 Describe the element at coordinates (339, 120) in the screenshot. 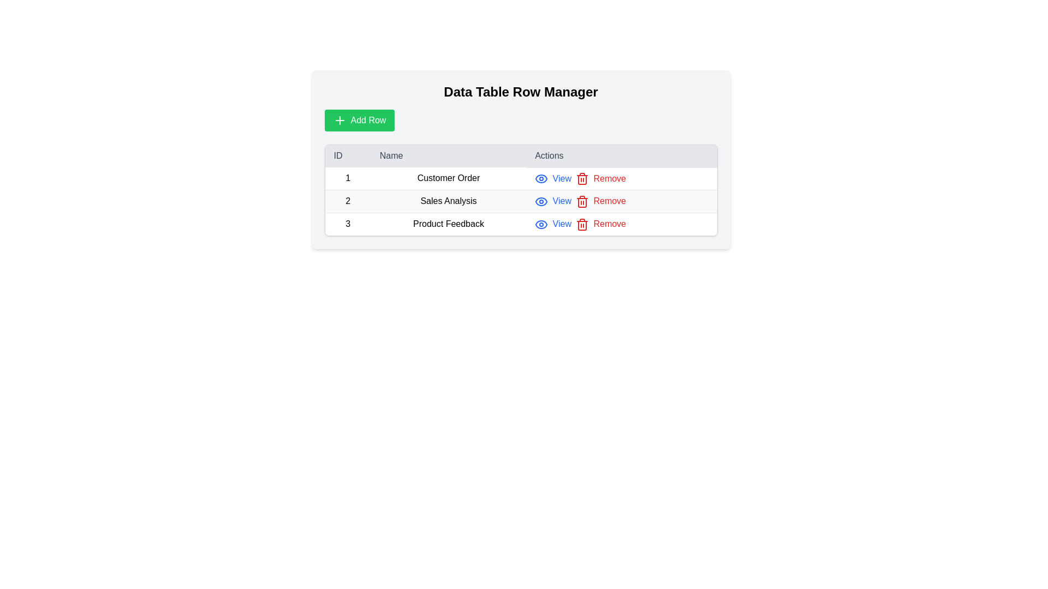

I see `the plus icon, which is represented by two intersecting black lines on a green background, located to the left of the 'Add Row' text in a green rectangular button` at that location.